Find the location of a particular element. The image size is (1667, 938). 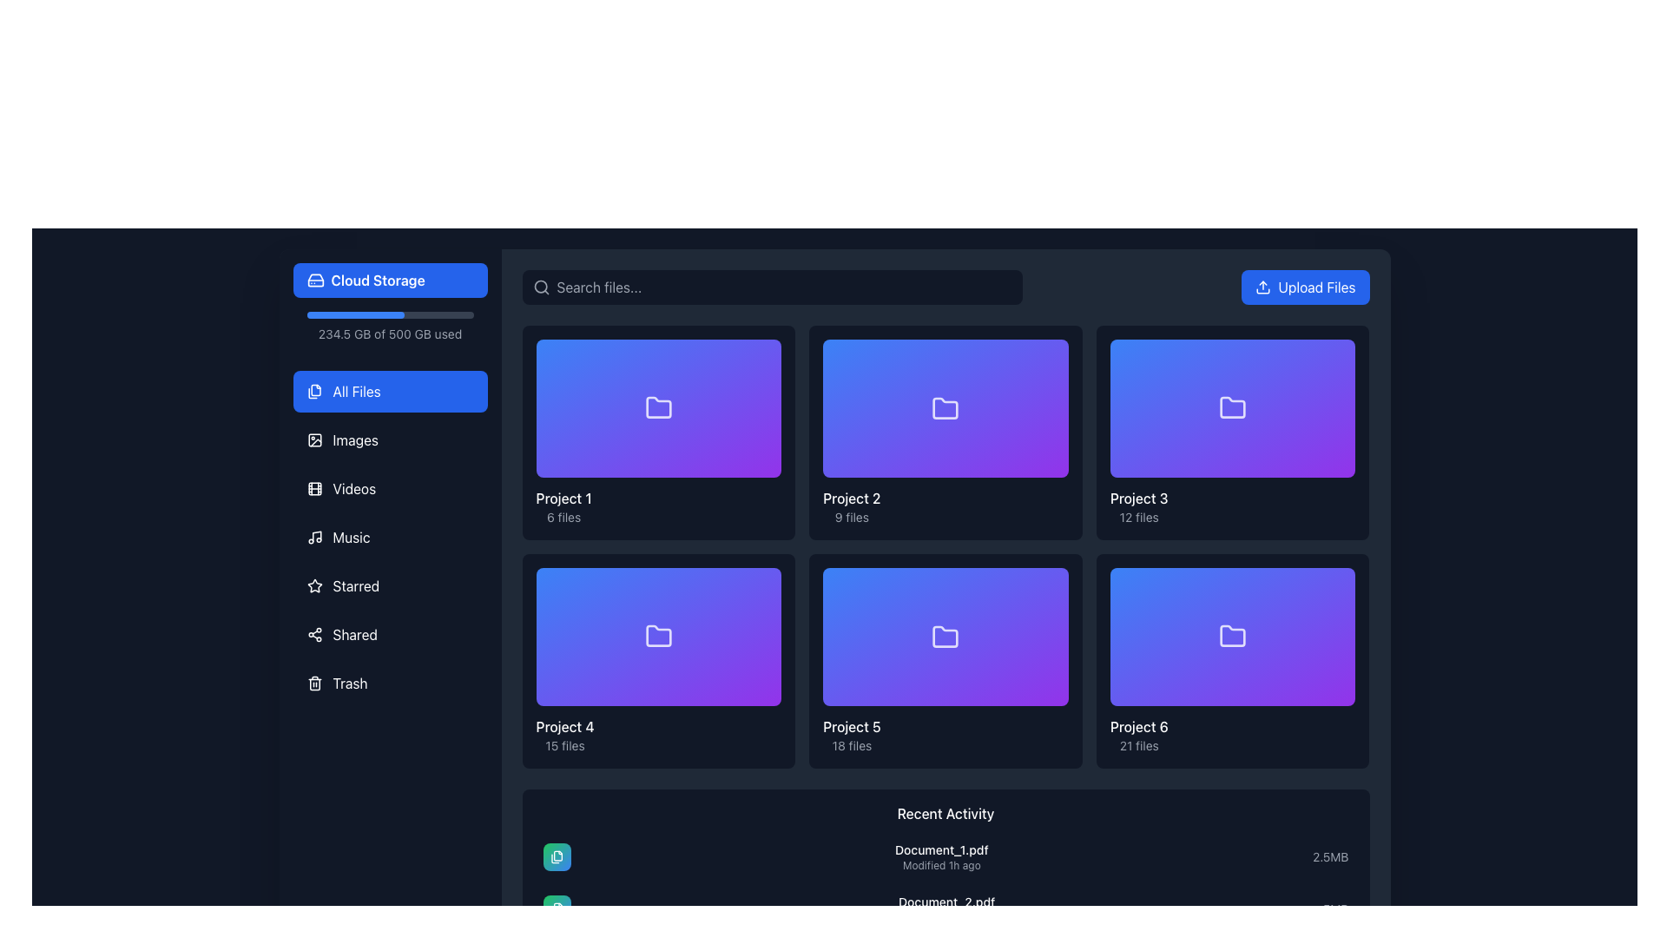

the icon representing an image or picture, which is located directly to the left of the 'Images' text label in the vertical navigation menu is located at coordinates (314, 439).